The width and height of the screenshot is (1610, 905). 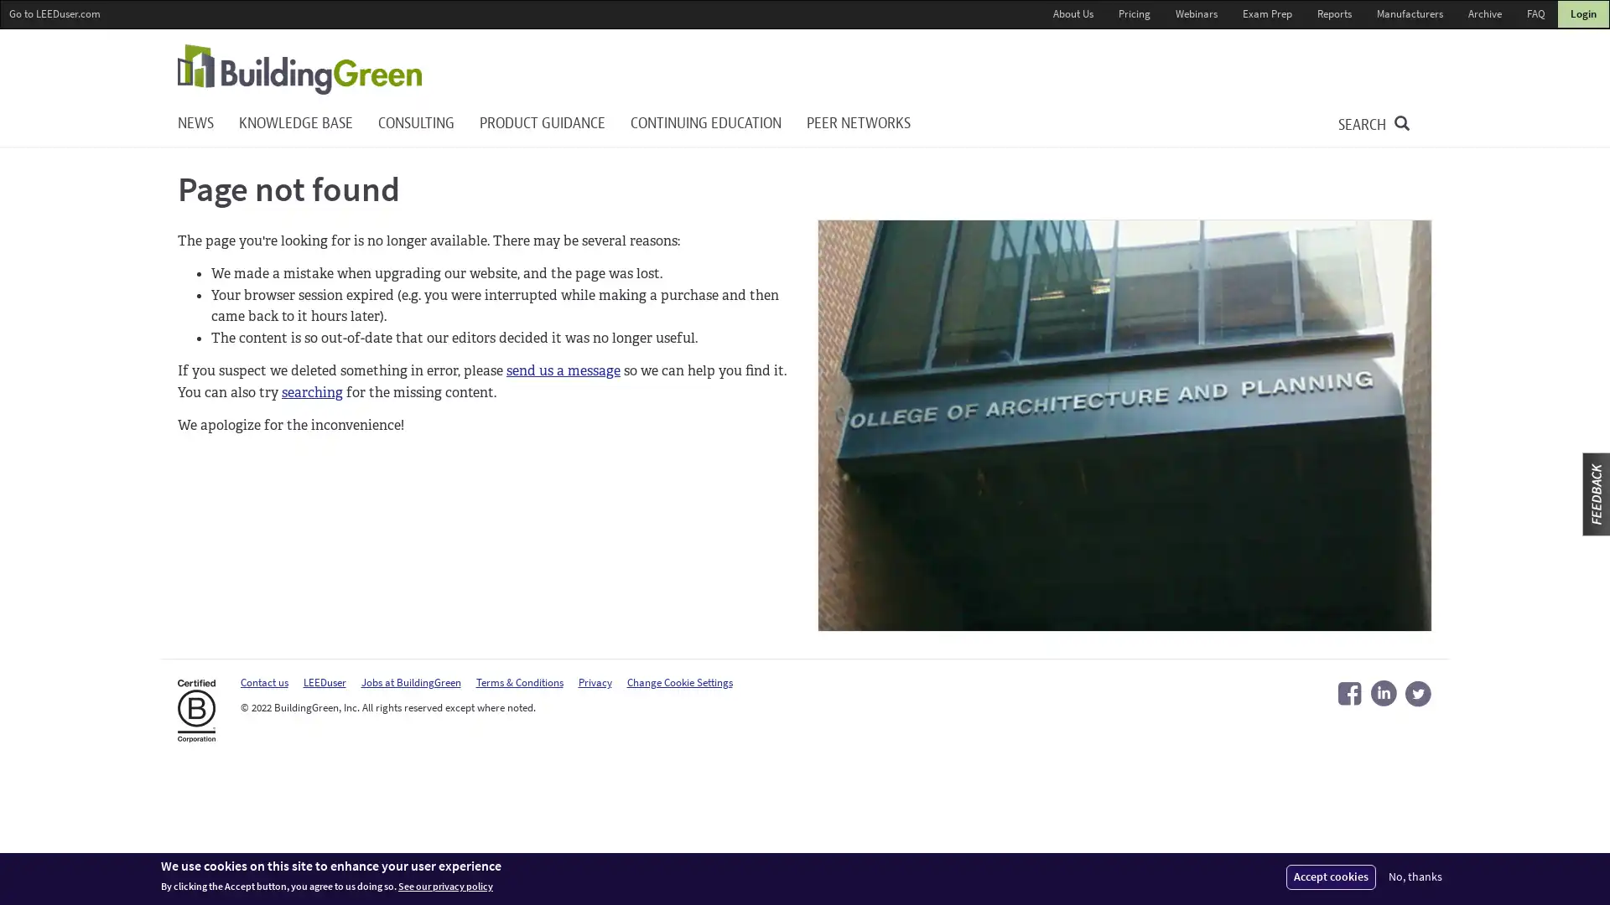 What do you see at coordinates (1415, 876) in the screenshot?
I see `No, thanks` at bounding box center [1415, 876].